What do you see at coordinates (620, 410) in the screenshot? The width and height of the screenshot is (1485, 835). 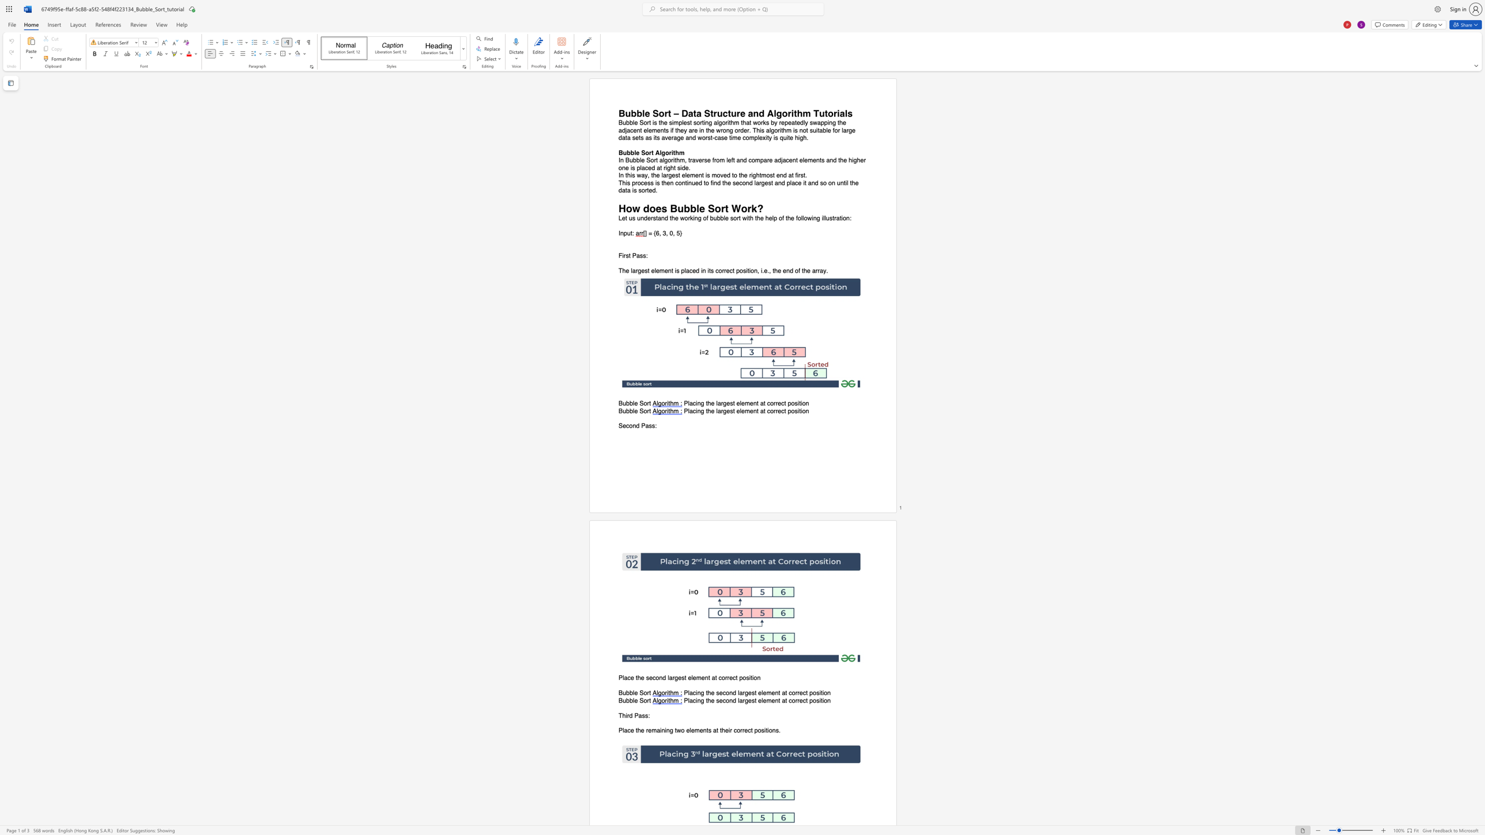 I see `the 1th character "B" in the text` at bounding box center [620, 410].